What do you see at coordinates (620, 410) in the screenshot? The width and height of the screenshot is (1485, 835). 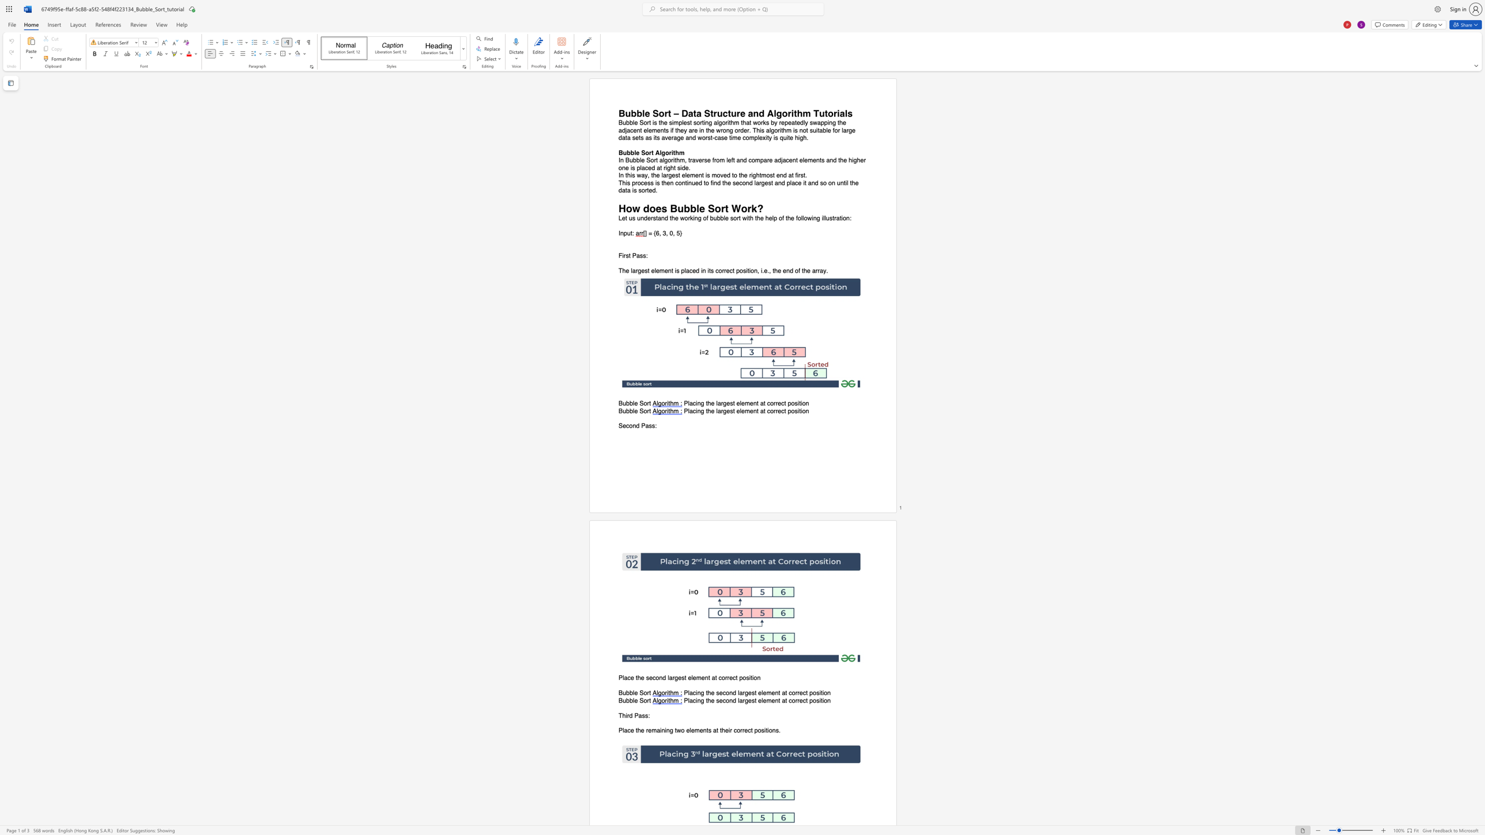 I see `the 1th character "B" in the text` at bounding box center [620, 410].